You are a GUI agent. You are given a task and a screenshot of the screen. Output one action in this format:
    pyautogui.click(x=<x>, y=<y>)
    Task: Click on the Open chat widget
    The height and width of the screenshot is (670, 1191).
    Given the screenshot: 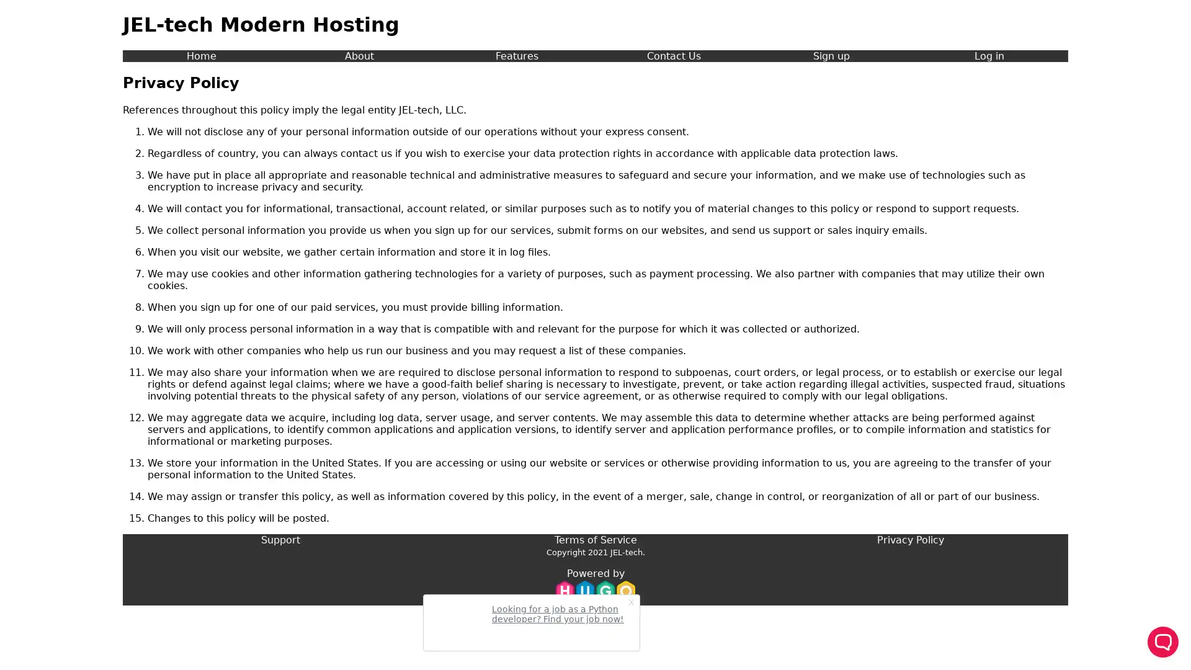 What is the action you would take?
    pyautogui.click(x=1162, y=641)
    